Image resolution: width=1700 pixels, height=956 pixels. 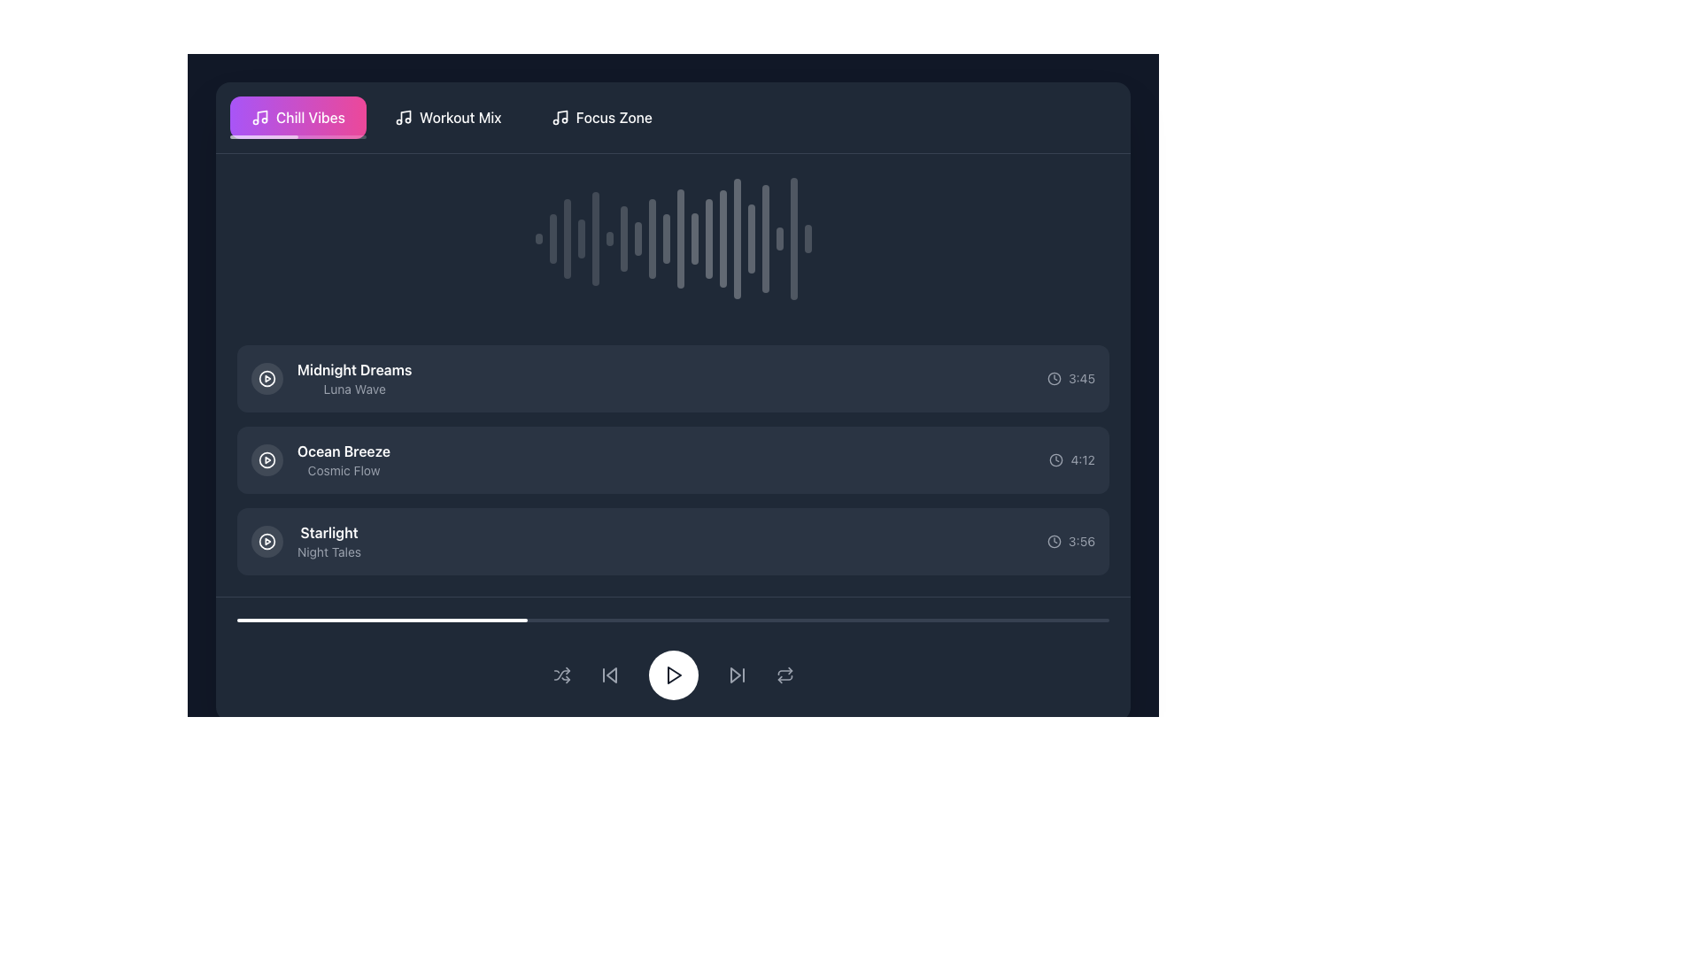 What do you see at coordinates (344, 470) in the screenshot?
I see `the text label displaying 'Cosmic Flow' in light gray font, which is located directly below 'Ocean Breeze'` at bounding box center [344, 470].